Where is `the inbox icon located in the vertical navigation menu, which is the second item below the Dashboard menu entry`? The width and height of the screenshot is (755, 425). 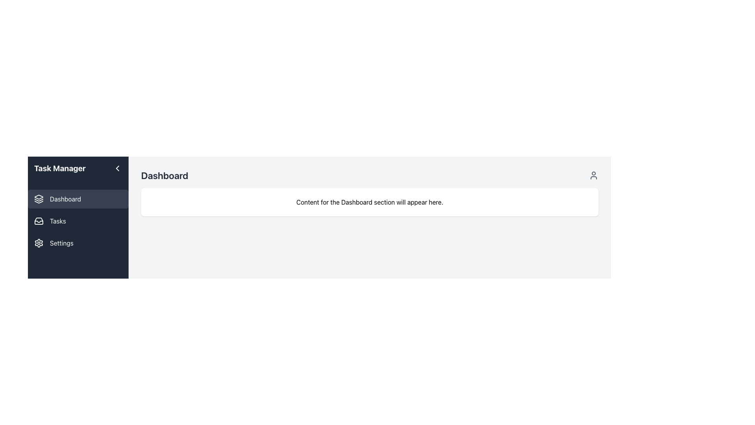 the inbox icon located in the vertical navigation menu, which is the second item below the Dashboard menu entry is located at coordinates (39, 221).